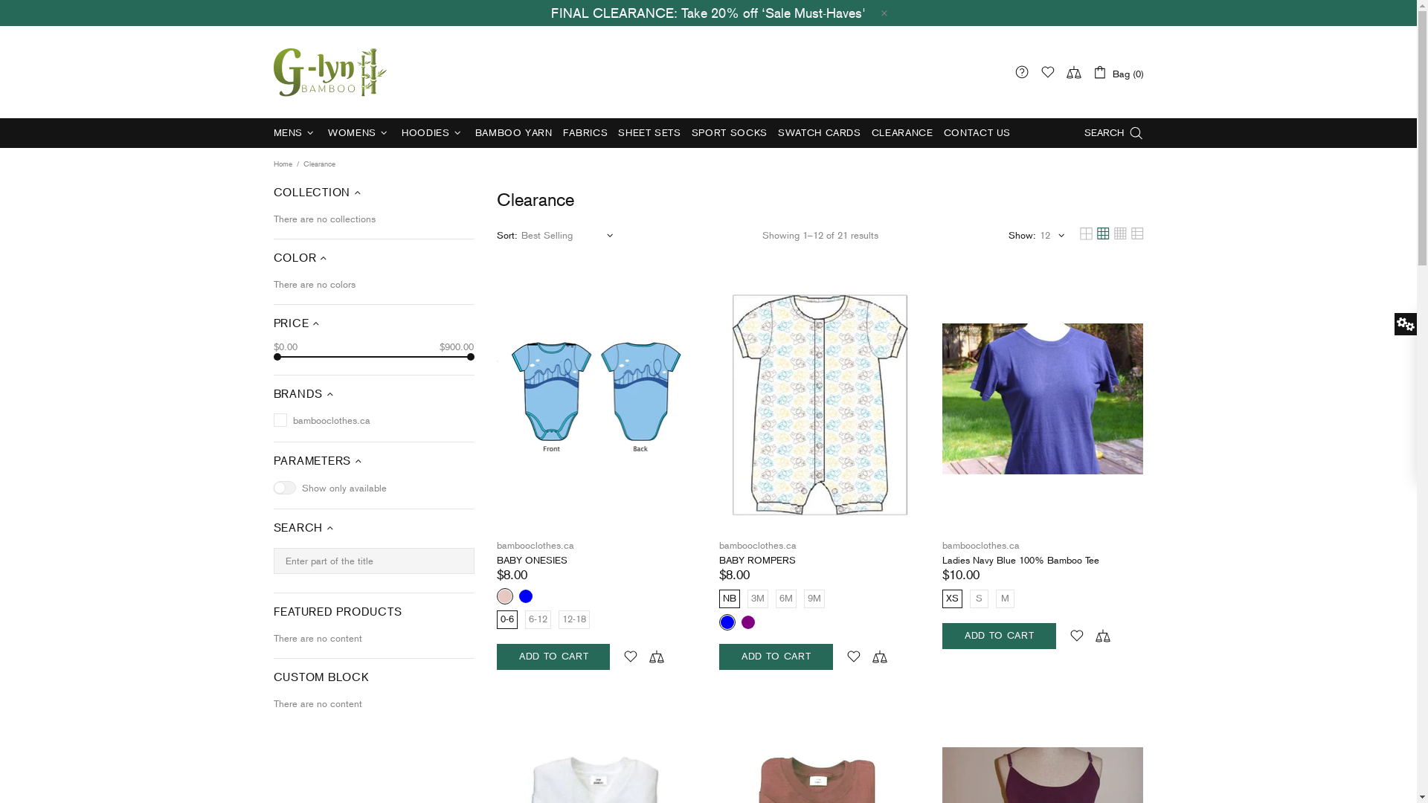 The image size is (1428, 803). I want to click on 'SHEET SETS', so click(649, 132).